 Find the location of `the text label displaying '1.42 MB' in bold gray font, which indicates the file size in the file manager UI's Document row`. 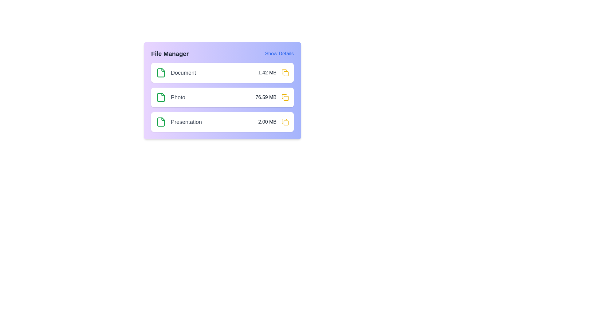

the text label displaying '1.42 MB' in bold gray font, which indicates the file size in the file manager UI's Document row is located at coordinates (267, 72).